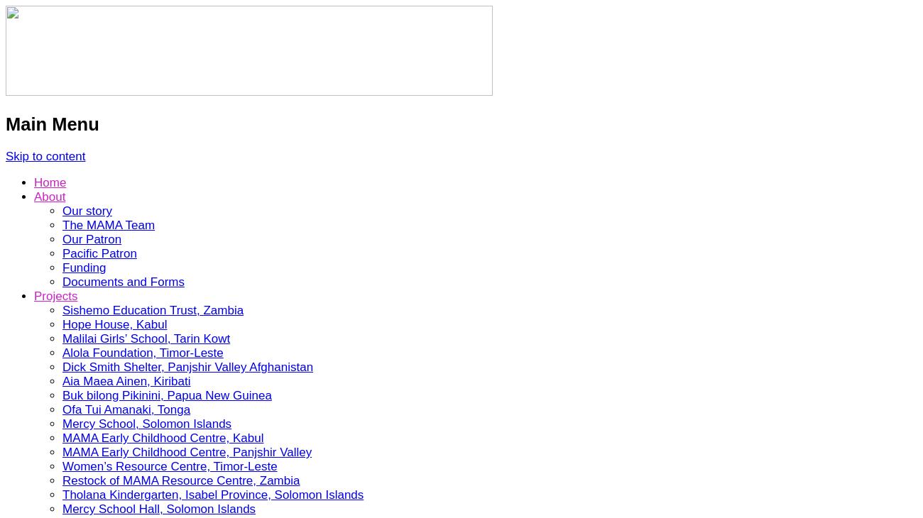 The height and width of the screenshot is (518, 923). I want to click on 'Projects', so click(55, 295).